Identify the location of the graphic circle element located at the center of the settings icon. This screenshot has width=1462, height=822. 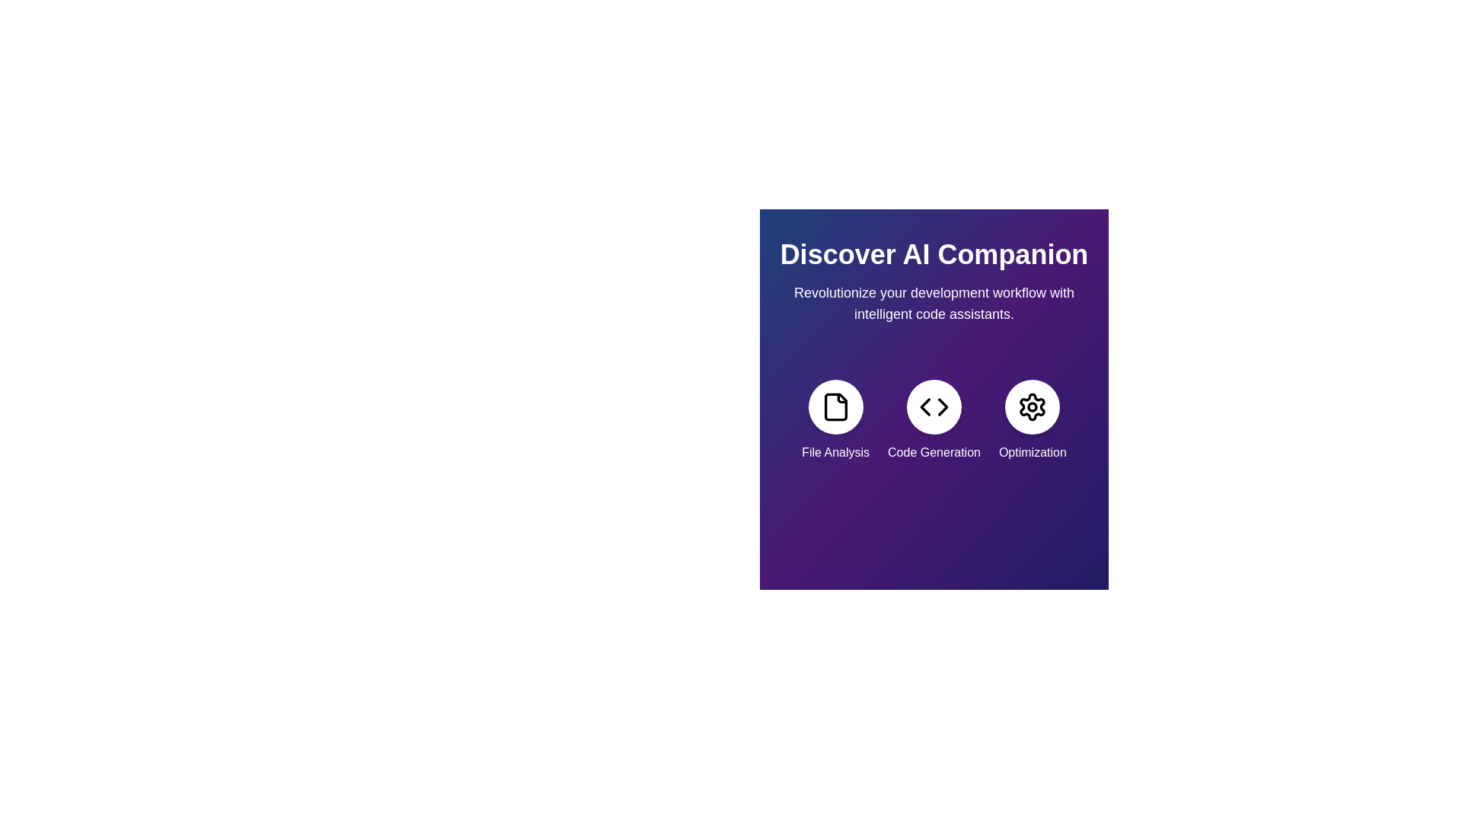
(1033, 406).